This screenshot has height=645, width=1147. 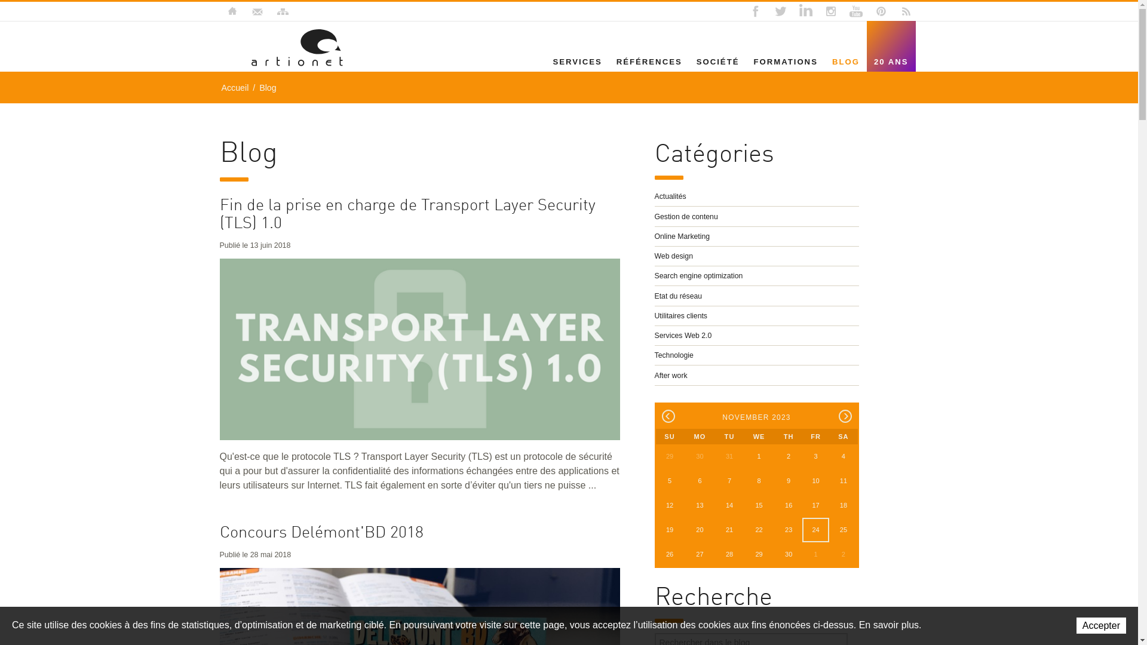 What do you see at coordinates (266, 87) in the screenshot?
I see `'Blog'` at bounding box center [266, 87].